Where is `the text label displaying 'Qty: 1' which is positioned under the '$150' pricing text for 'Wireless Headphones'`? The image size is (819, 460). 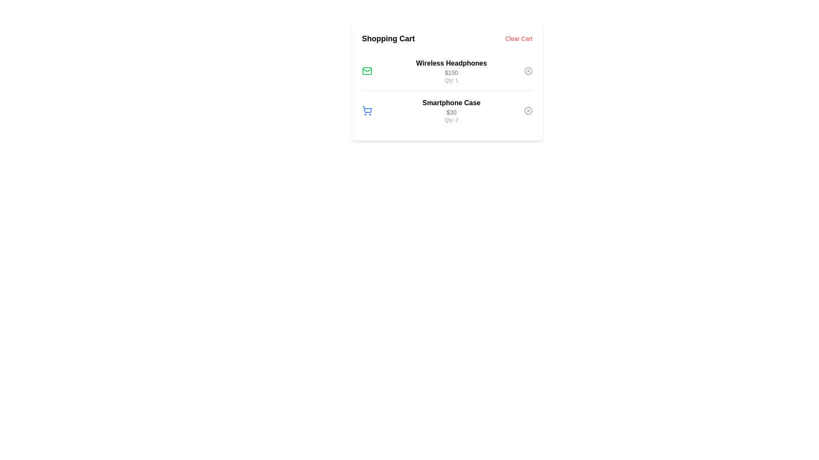
the text label displaying 'Qty: 1' which is positioned under the '$150' pricing text for 'Wireless Headphones' is located at coordinates (451, 80).